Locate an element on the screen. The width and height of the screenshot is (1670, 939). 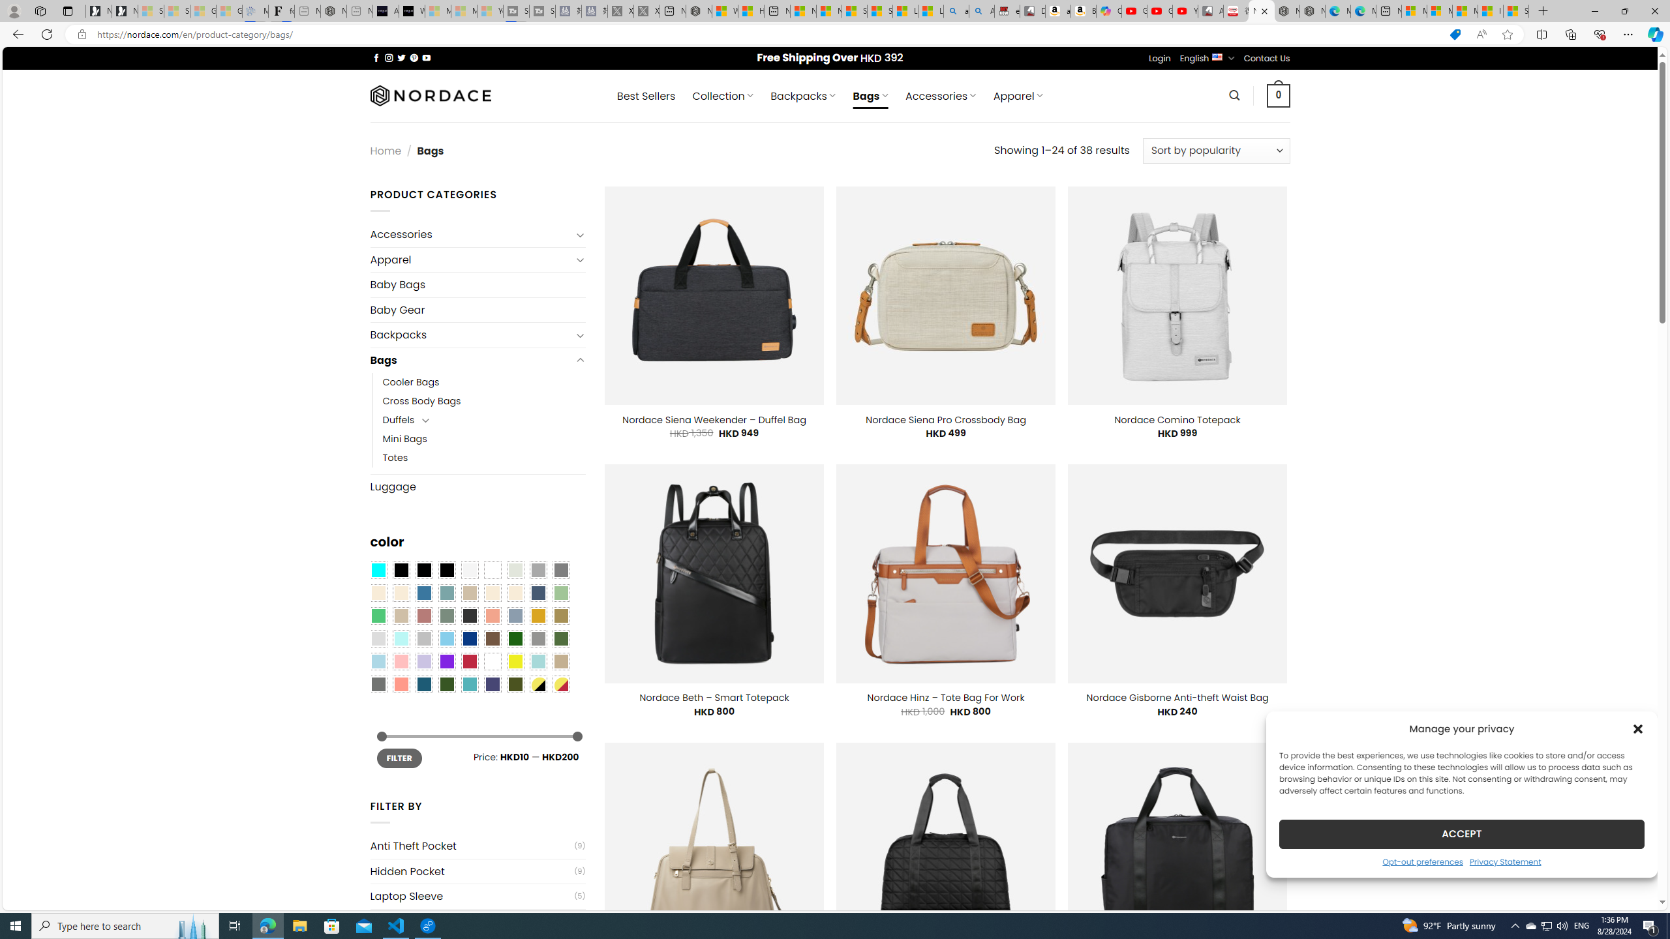
'Follow on YouTube' is located at coordinates (426, 57).